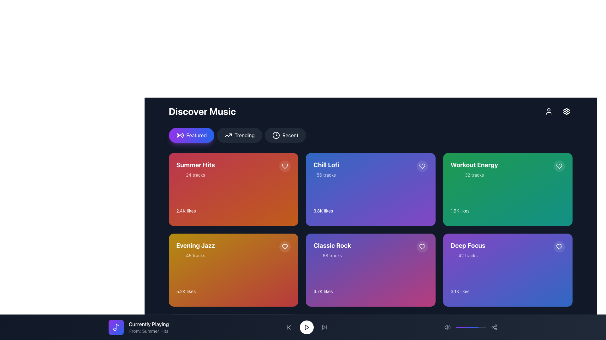 The width and height of the screenshot is (606, 340). Describe the element at coordinates (195, 165) in the screenshot. I see `the bold text label displaying 'Summer Hits' for accessibility tooltips` at that location.